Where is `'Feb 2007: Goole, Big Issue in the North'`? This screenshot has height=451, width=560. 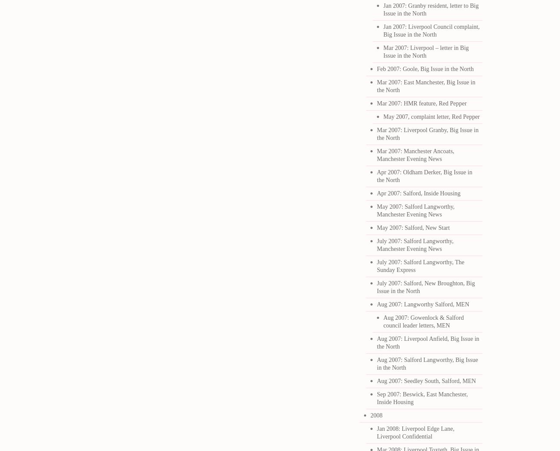
'Feb 2007: Goole, Big Issue in the North' is located at coordinates (376, 69).